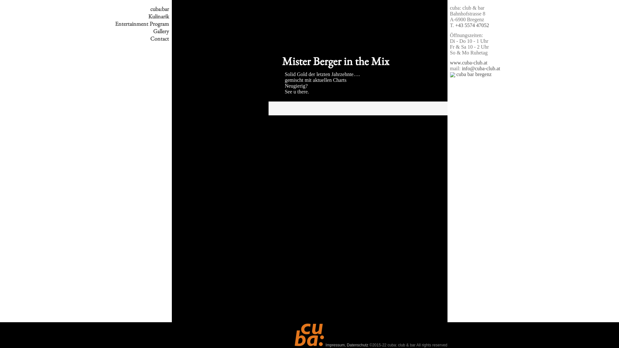 This screenshot has width=619, height=348. Describe the element at coordinates (143, 31) in the screenshot. I see `'Gallery'` at that location.